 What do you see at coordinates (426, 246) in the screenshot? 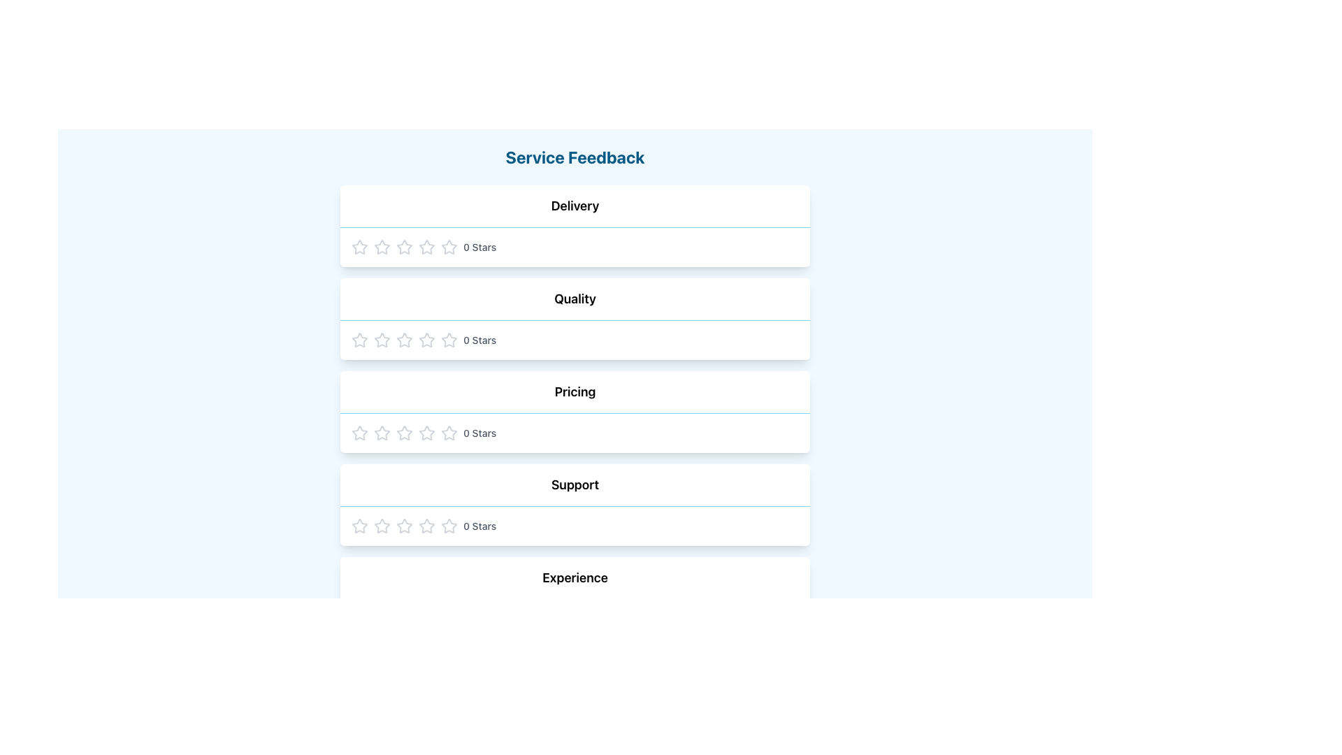
I see `the second star-shaped icon in the Delivery section` at bounding box center [426, 246].